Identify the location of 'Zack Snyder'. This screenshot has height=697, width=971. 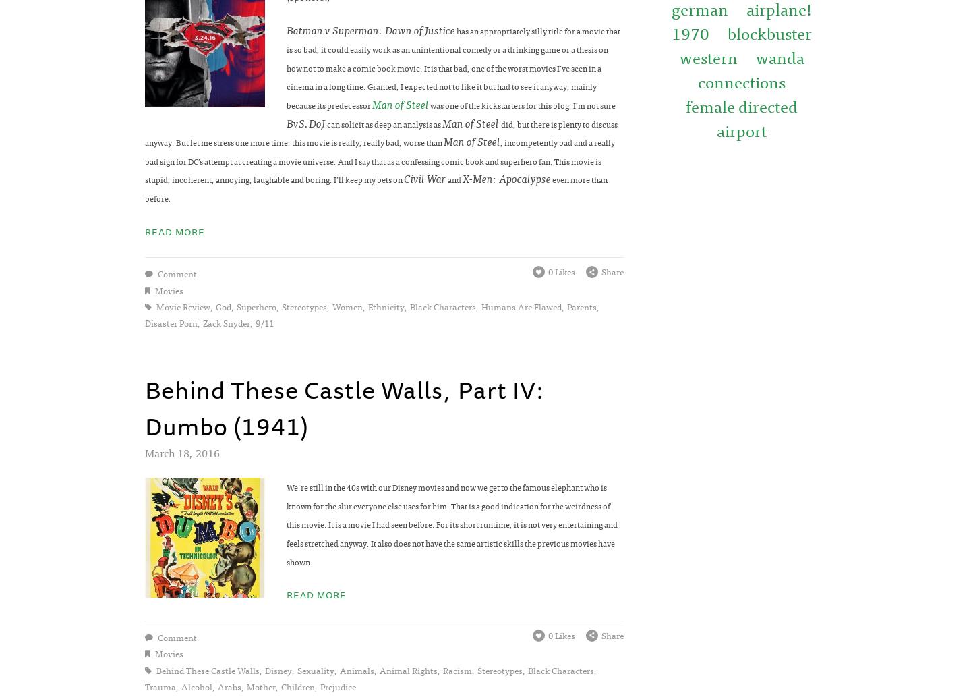
(226, 323).